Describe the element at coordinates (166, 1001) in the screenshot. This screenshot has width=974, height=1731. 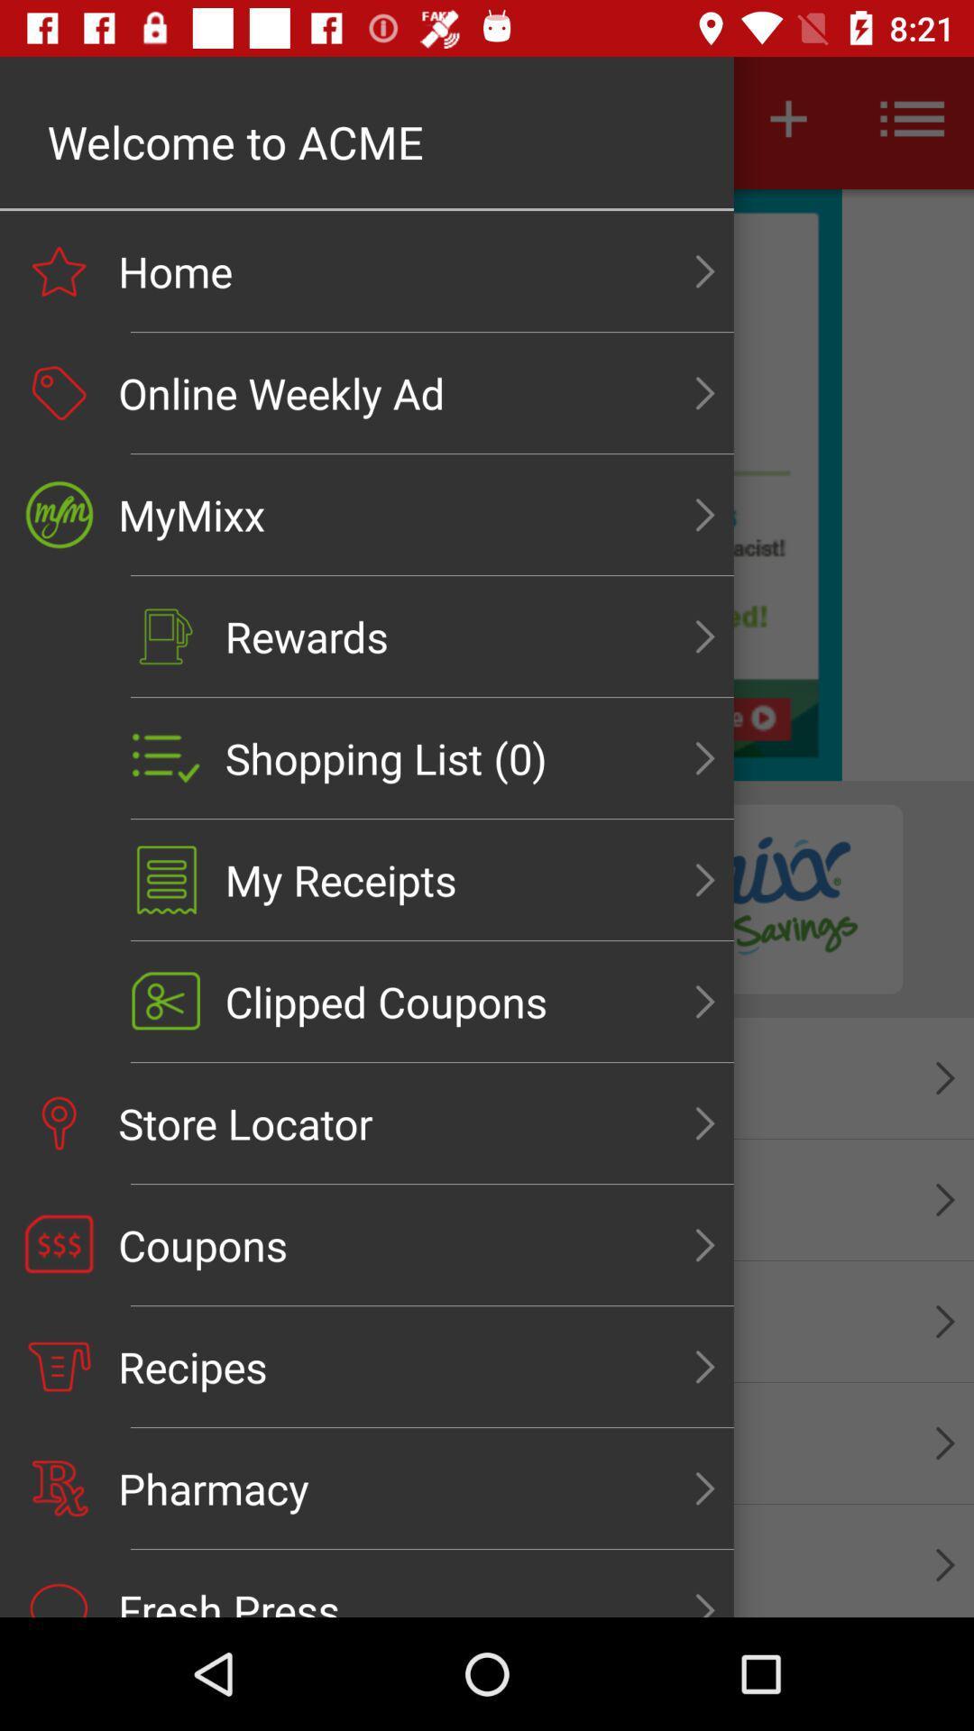
I see `tap the clipped coupons icon` at that location.